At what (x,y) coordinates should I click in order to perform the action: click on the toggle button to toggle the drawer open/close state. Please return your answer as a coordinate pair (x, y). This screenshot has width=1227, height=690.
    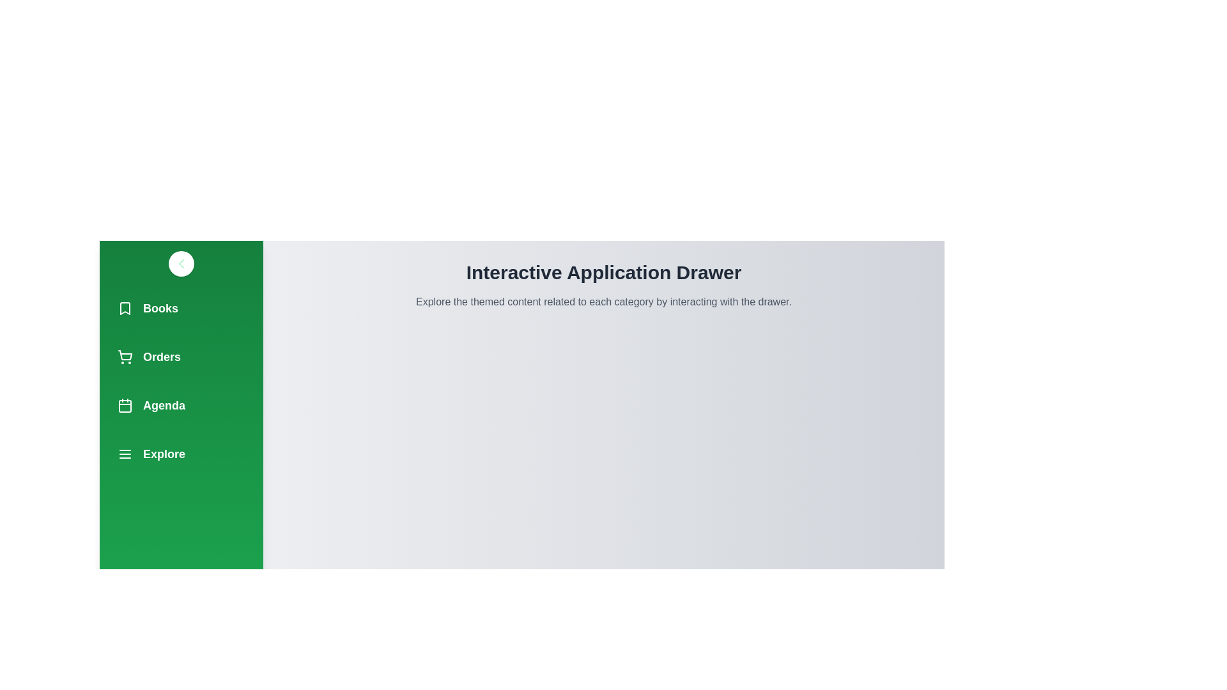
    Looking at the image, I should click on (180, 263).